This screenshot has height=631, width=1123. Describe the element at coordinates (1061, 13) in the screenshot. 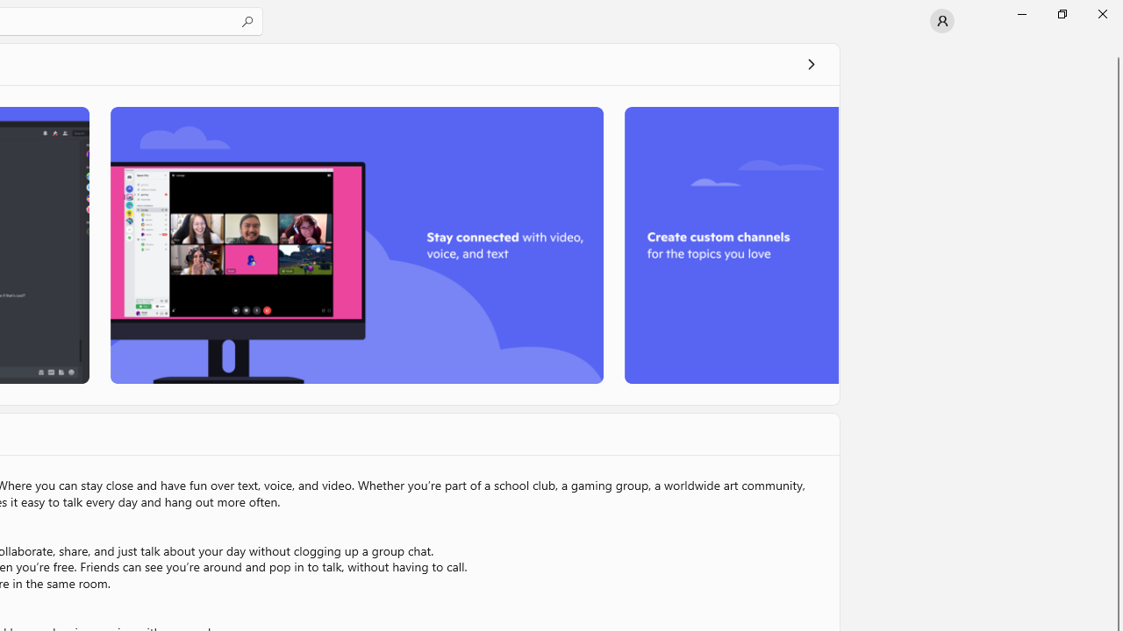

I see `'Restore Microsoft Store'` at that location.